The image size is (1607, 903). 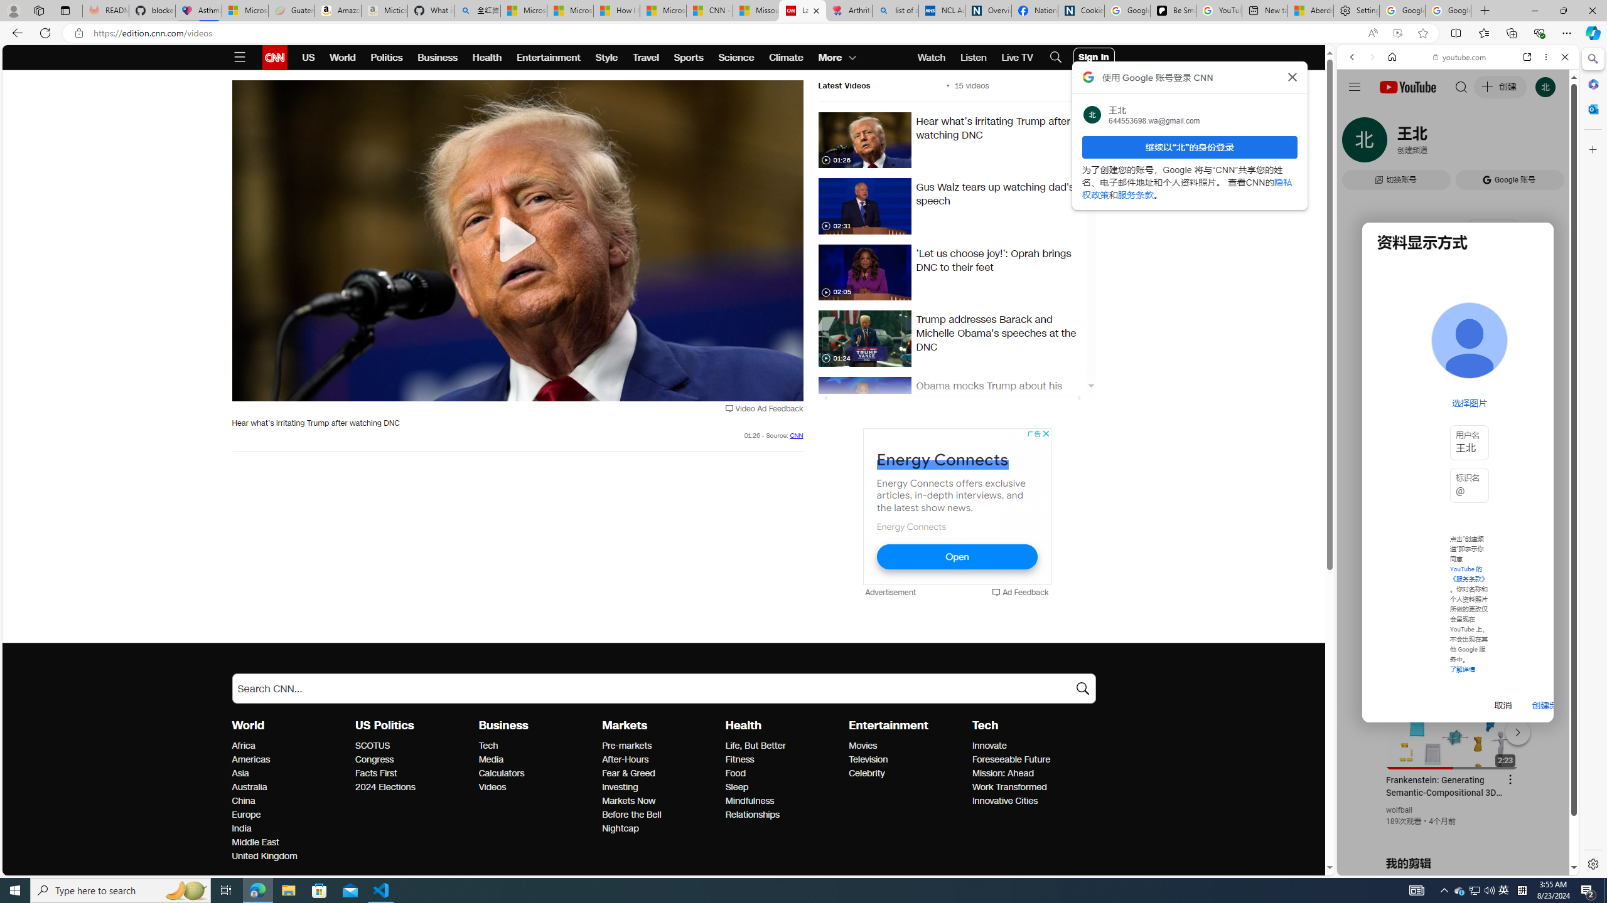 I want to click on 'EntertainmentMoviesTelevisionCelebrity', so click(x=910, y=749).